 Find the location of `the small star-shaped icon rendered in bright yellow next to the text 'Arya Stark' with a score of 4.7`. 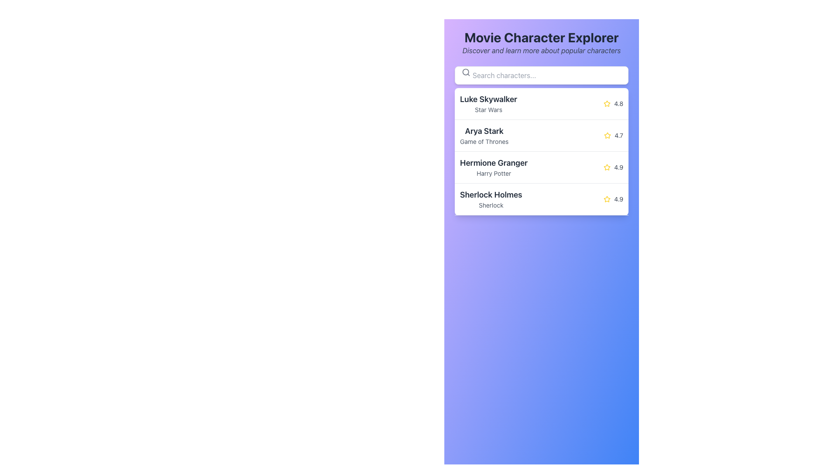

the small star-shaped icon rendered in bright yellow next to the text 'Arya Stark' with a score of 4.7 is located at coordinates (607, 135).